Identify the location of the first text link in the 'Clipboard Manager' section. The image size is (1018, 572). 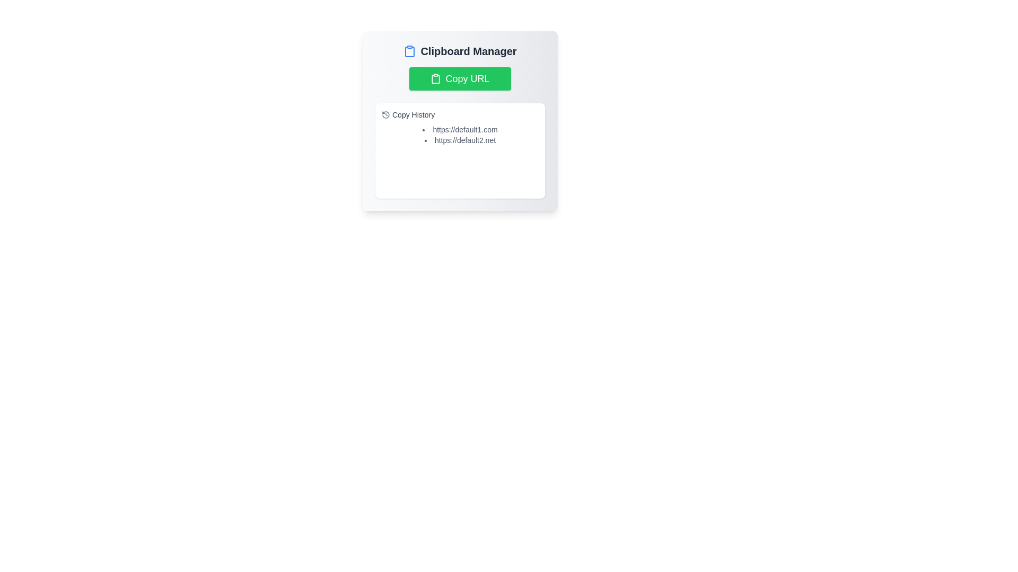
(460, 129).